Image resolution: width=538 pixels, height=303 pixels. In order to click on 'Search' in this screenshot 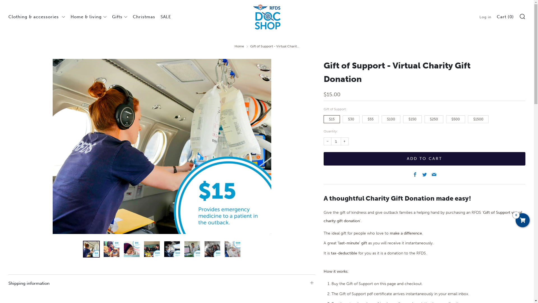, I will do `click(522, 16)`.